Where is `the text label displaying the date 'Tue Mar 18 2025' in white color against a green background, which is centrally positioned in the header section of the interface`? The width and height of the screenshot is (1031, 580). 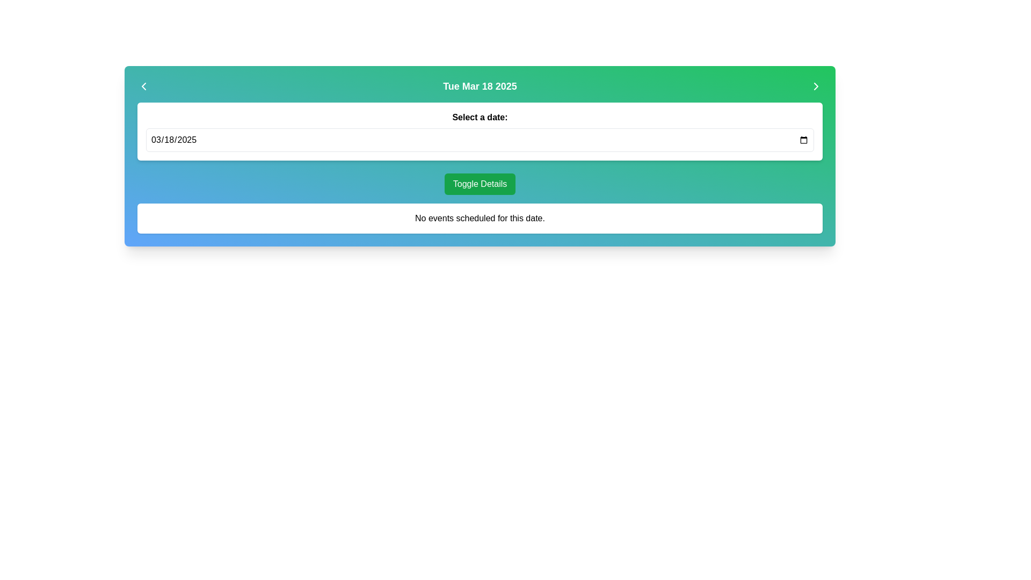
the text label displaying the date 'Tue Mar 18 2025' in white color against a green background, which is centrally positioned in the header section of the interface is located at coordinates (479, 86).